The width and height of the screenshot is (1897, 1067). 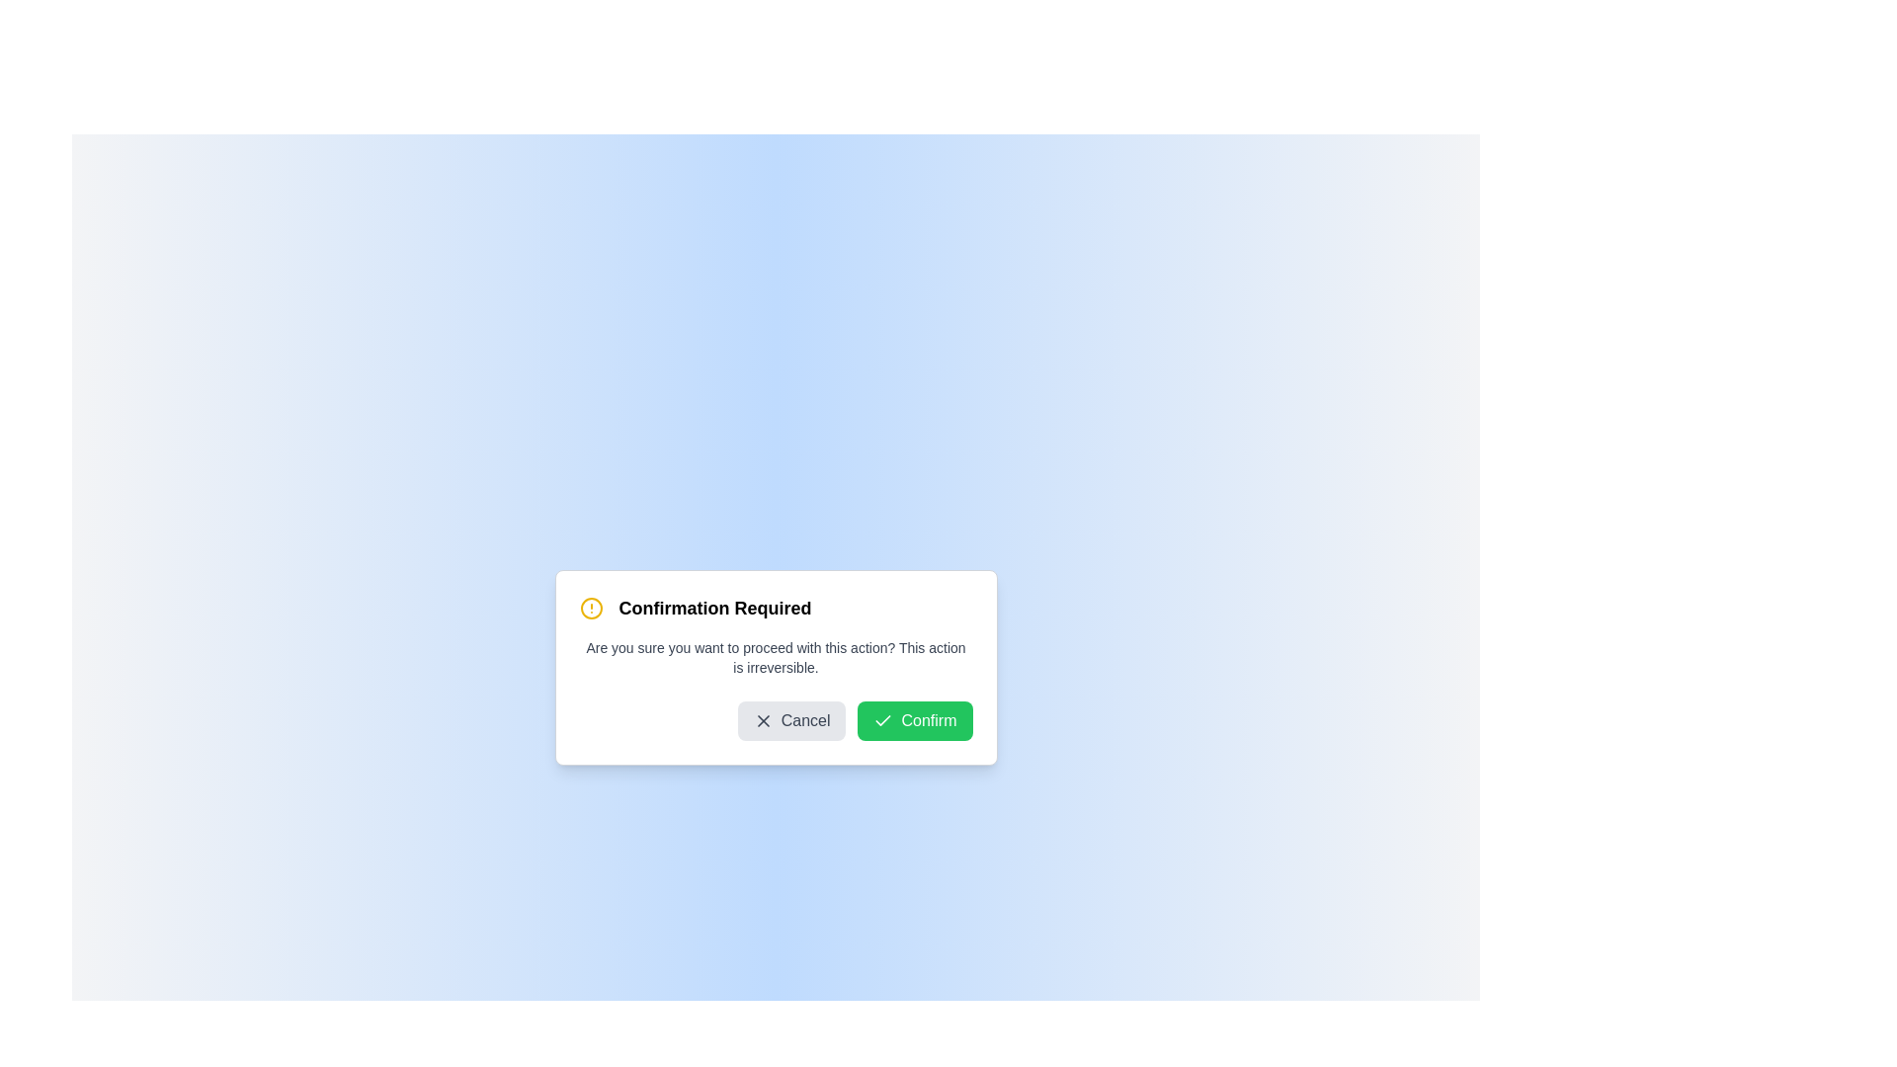 I want to click on the confirm button located in the dialog box's footer, which contains a green outline checkmark icon, so click(x=882, y=720).